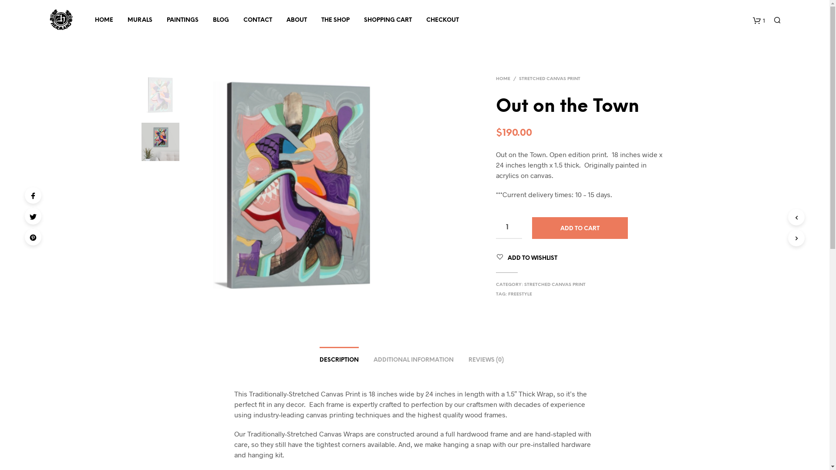 The image size is (836, 470). Describe the element at coordinates (33, 195) in the screenshot. I see `'Facebook'` at that location.